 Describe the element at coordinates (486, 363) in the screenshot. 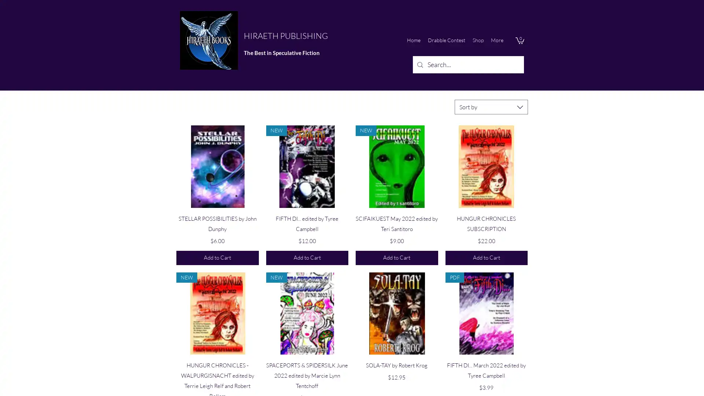

I see `Quick View` at that location.